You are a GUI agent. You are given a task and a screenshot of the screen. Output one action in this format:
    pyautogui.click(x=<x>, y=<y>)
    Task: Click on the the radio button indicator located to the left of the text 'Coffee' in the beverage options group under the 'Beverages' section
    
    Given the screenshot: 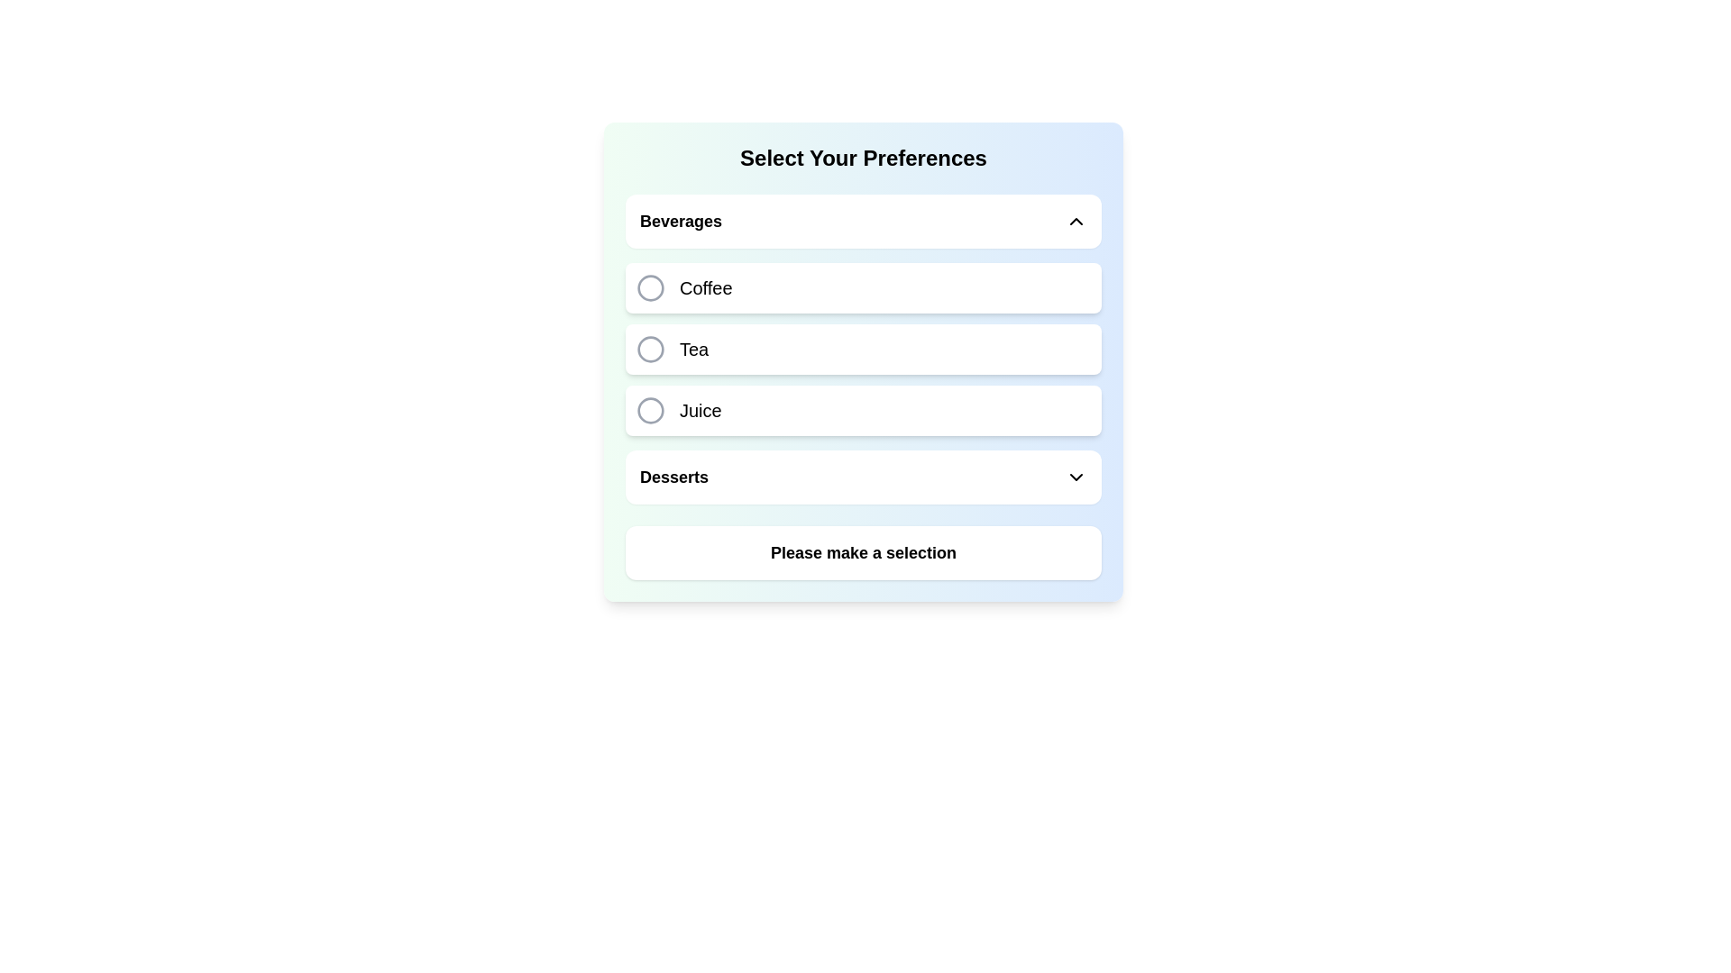 What is the action you would take?
    pyautogui.click(x=649, y=287)
    